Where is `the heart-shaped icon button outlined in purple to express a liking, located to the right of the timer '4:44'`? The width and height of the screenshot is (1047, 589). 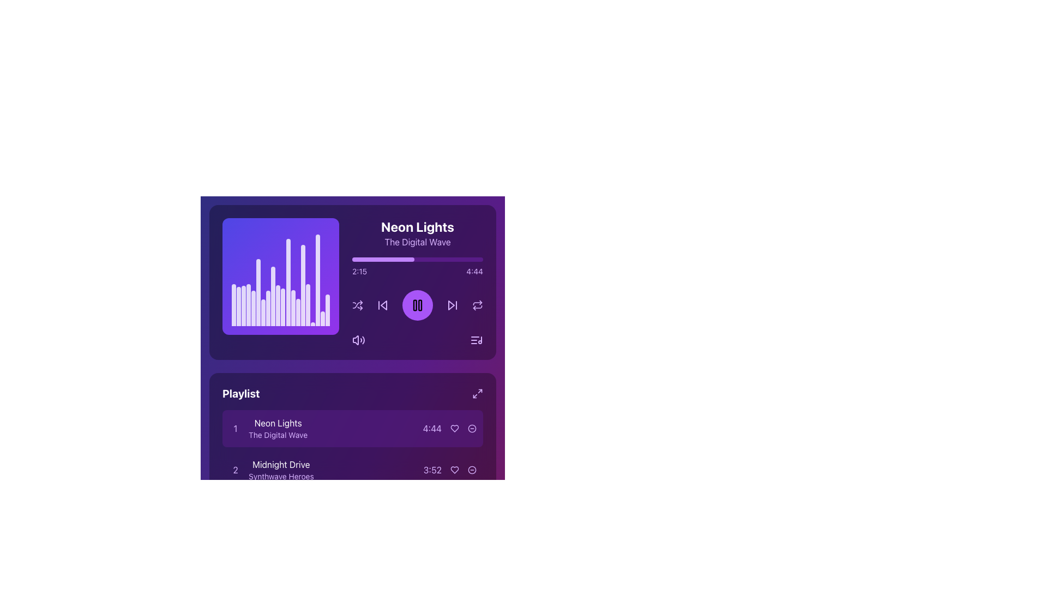 the heart-shaped icon button outlined in purple to express a liking, located to the right of the timer '4:44' is located at coordinates (455, 428).